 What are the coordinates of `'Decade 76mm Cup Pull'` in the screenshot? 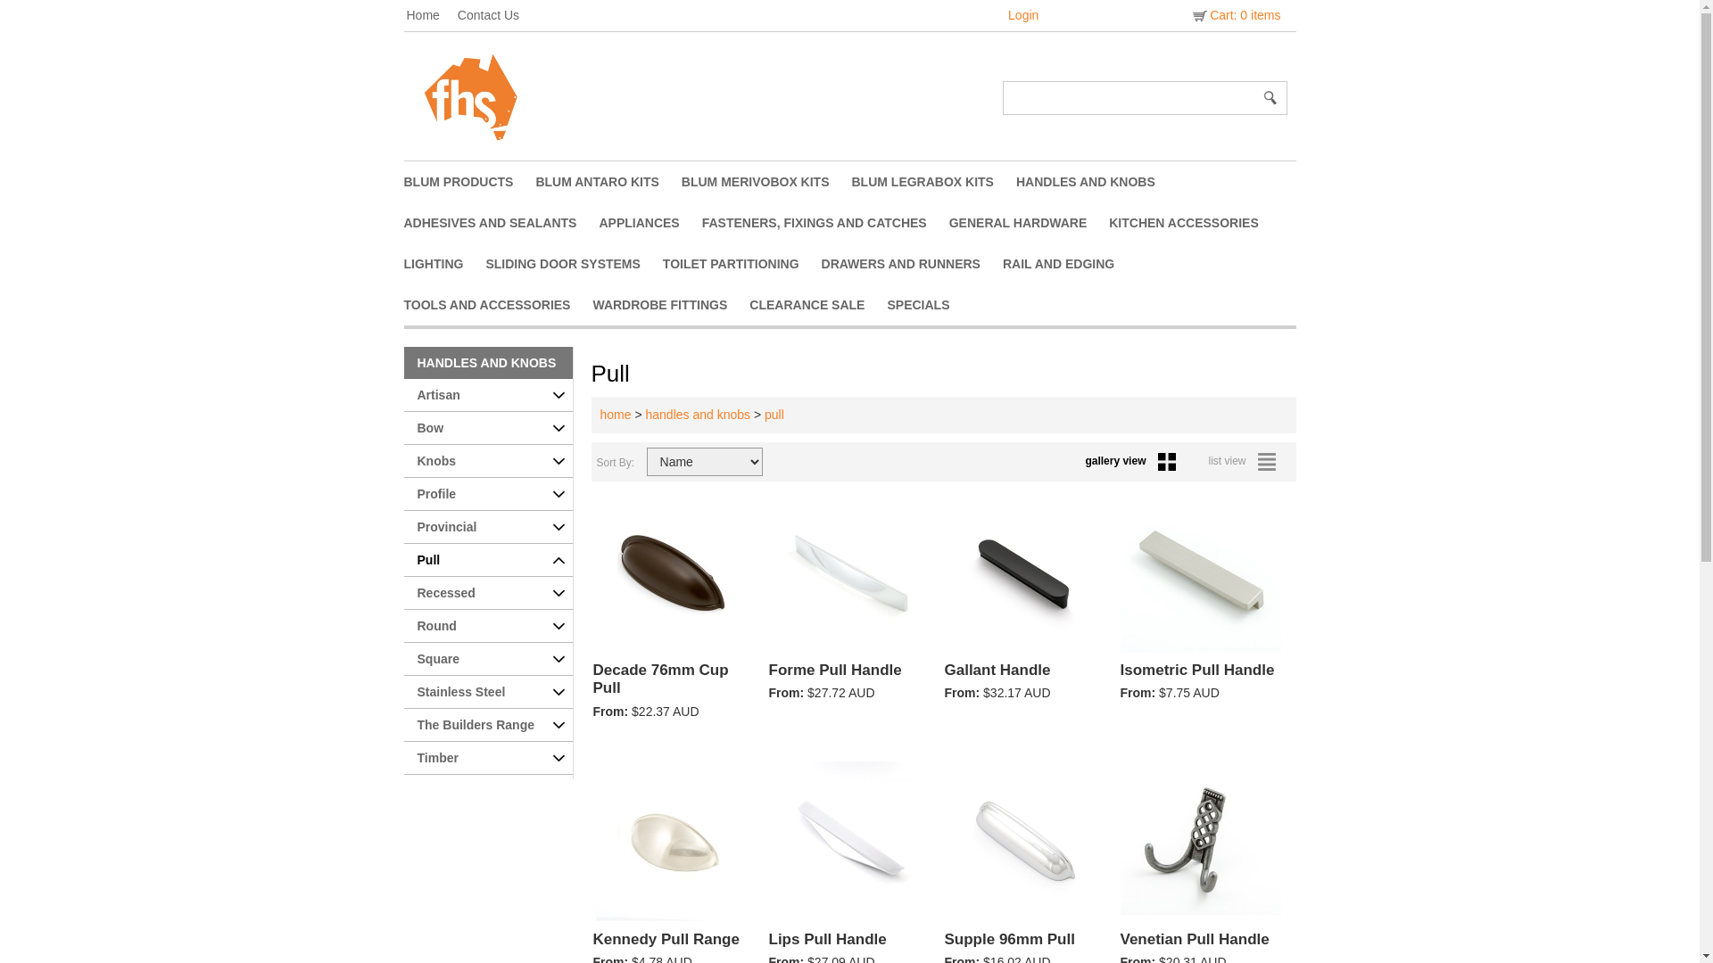 It's located at (674, 689).